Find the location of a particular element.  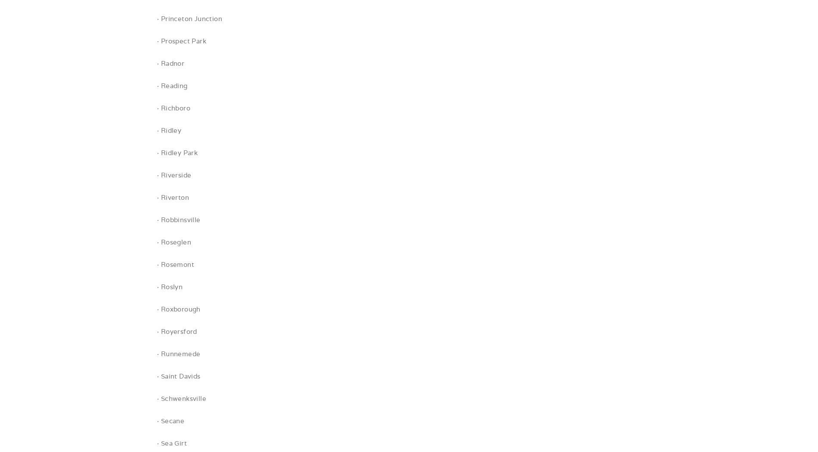

'· Roseglen' is located at coordinates (174, 242).